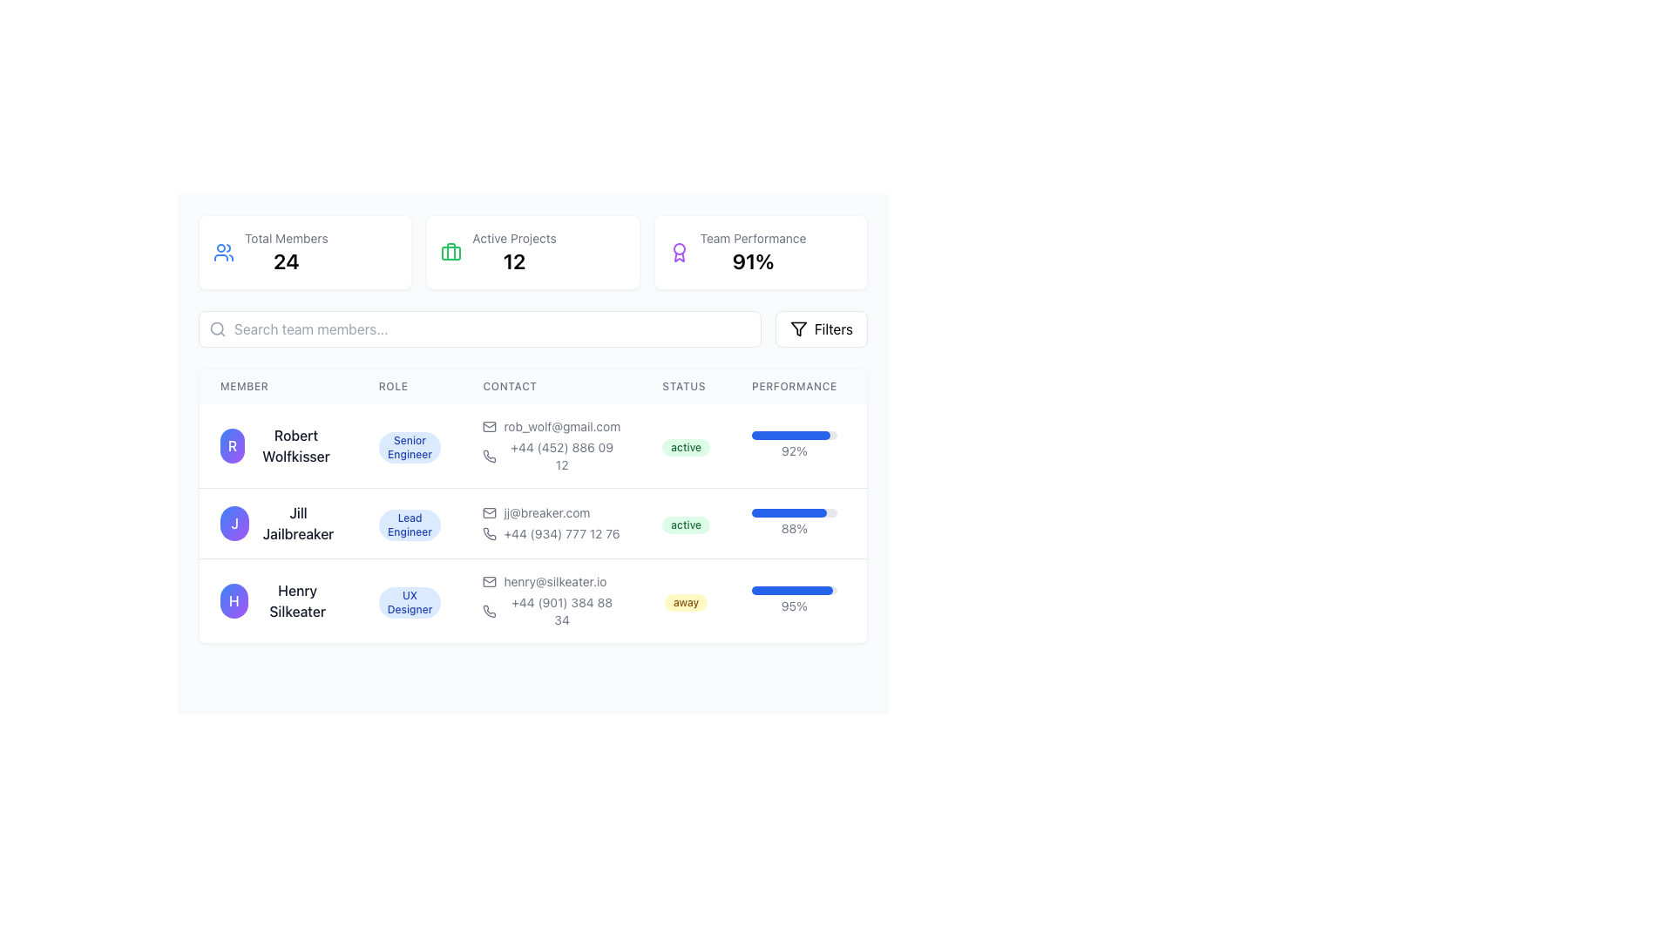 This screenshot has height=941, width=1673. I want to click on the rectangular white input field of the search bar layout component to focus on it, so click(532, 329).